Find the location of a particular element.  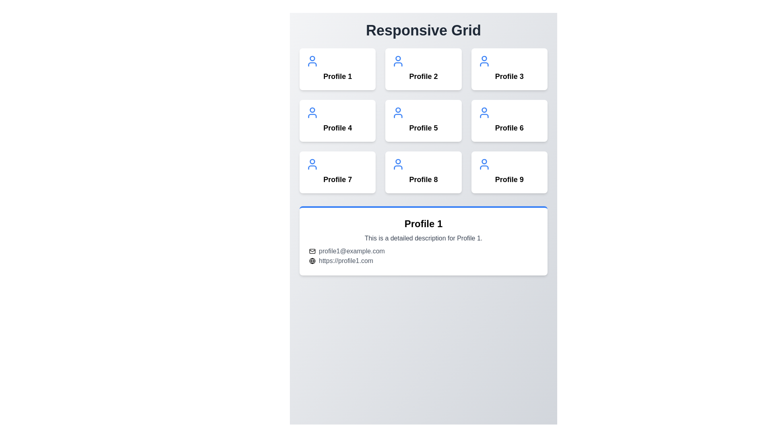

the SVG Circle with a blue border located in the top-left corner of the user profile card titled 'Profile 1' is located at coordinates (312, 58).